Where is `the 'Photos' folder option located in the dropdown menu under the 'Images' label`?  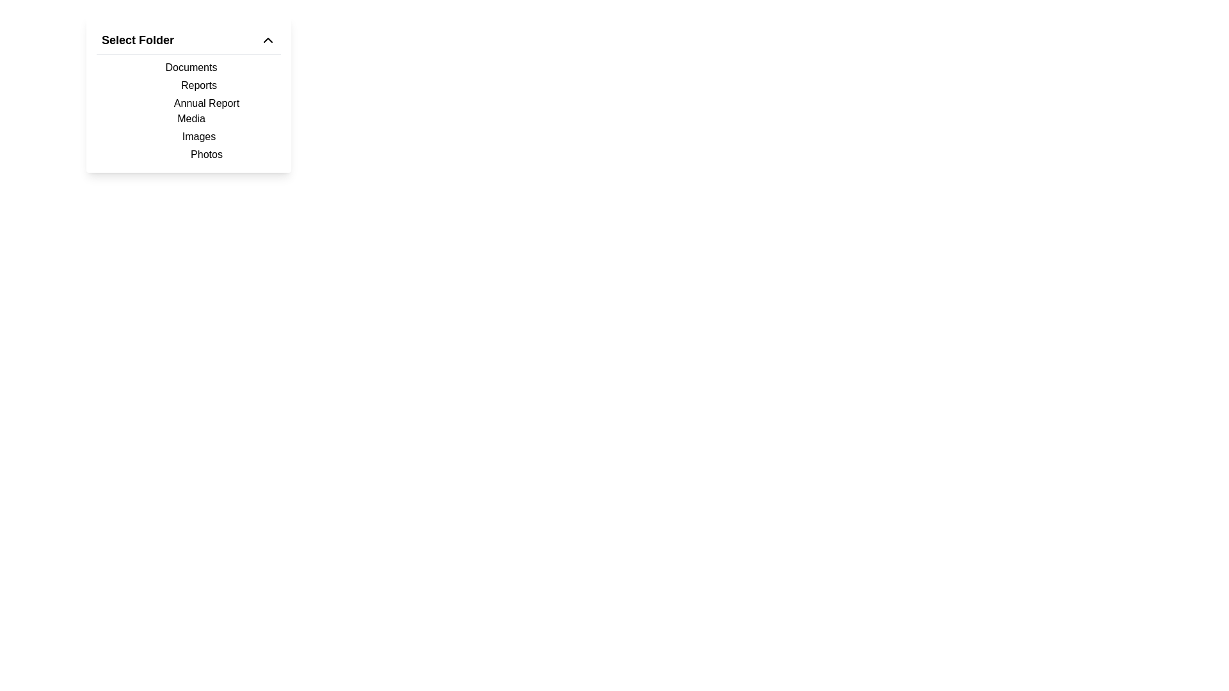 the 'Photos' folder option located in the dropdown menu under the 'Images' label is located at coordinates (206, 154).